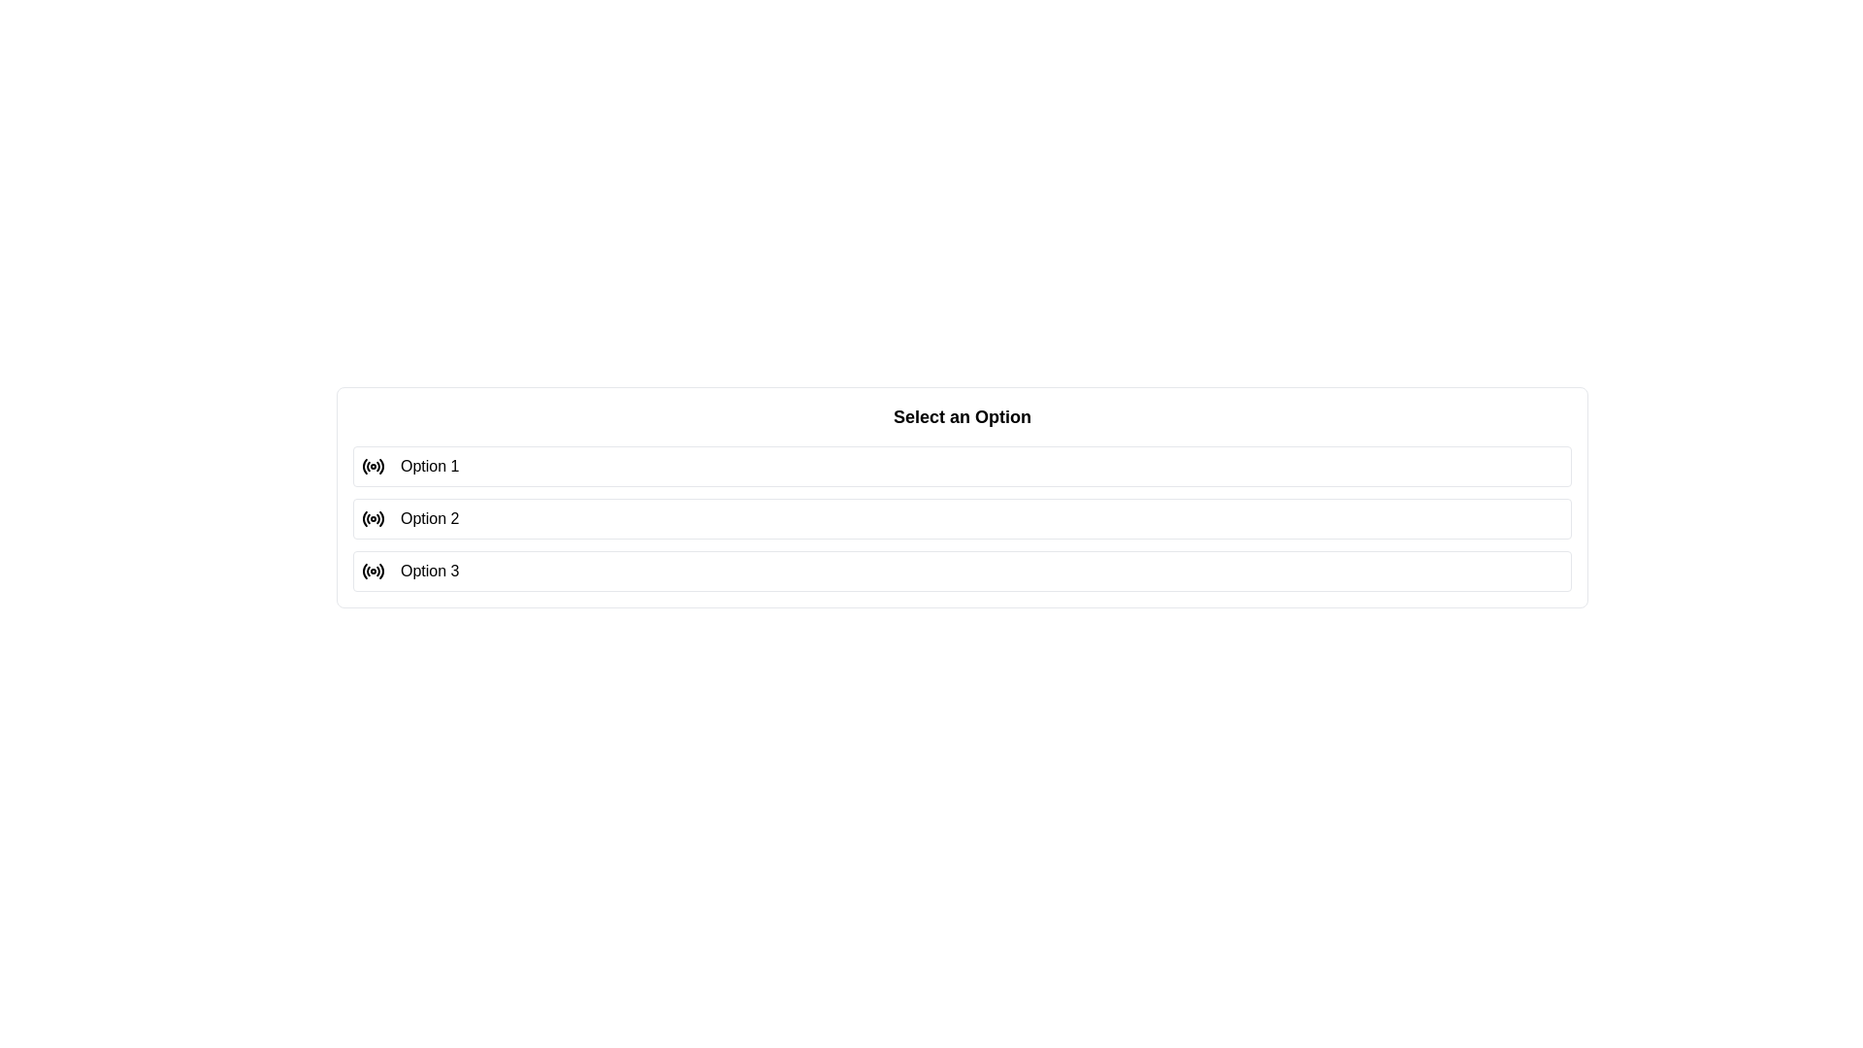 This screenshot has width=1863, height=1048. I want to click on the radio button associated with the first option in the vertical list of selectable radio button options, so click(429, 467).